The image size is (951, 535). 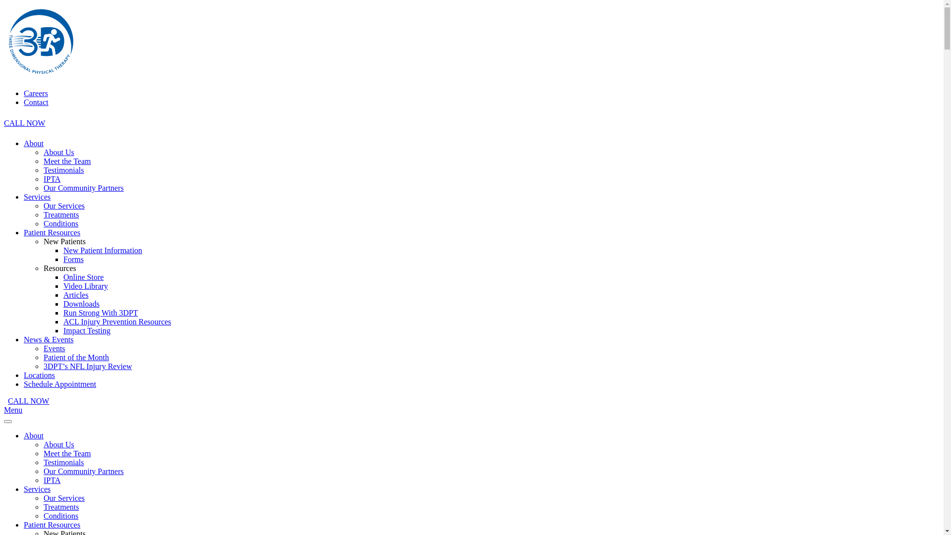 I want to click on 'Online Store', so click(x=83, y=277).